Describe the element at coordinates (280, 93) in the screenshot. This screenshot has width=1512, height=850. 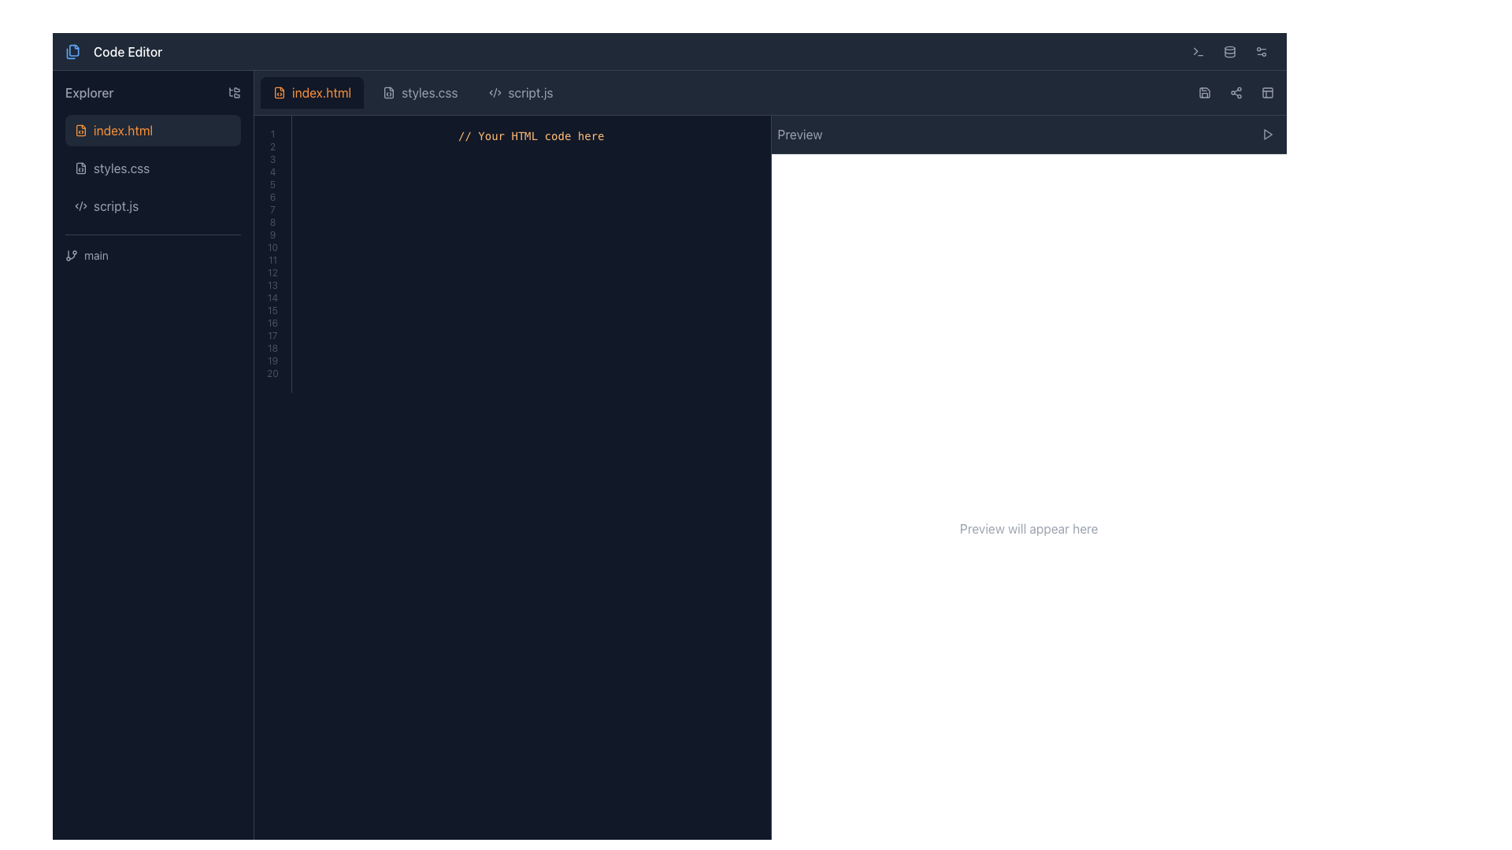
I see `the icon resembling a document with a code symbol, located next to 'index.html' on the left side of the file explorer interface, to show additional options` at that location.